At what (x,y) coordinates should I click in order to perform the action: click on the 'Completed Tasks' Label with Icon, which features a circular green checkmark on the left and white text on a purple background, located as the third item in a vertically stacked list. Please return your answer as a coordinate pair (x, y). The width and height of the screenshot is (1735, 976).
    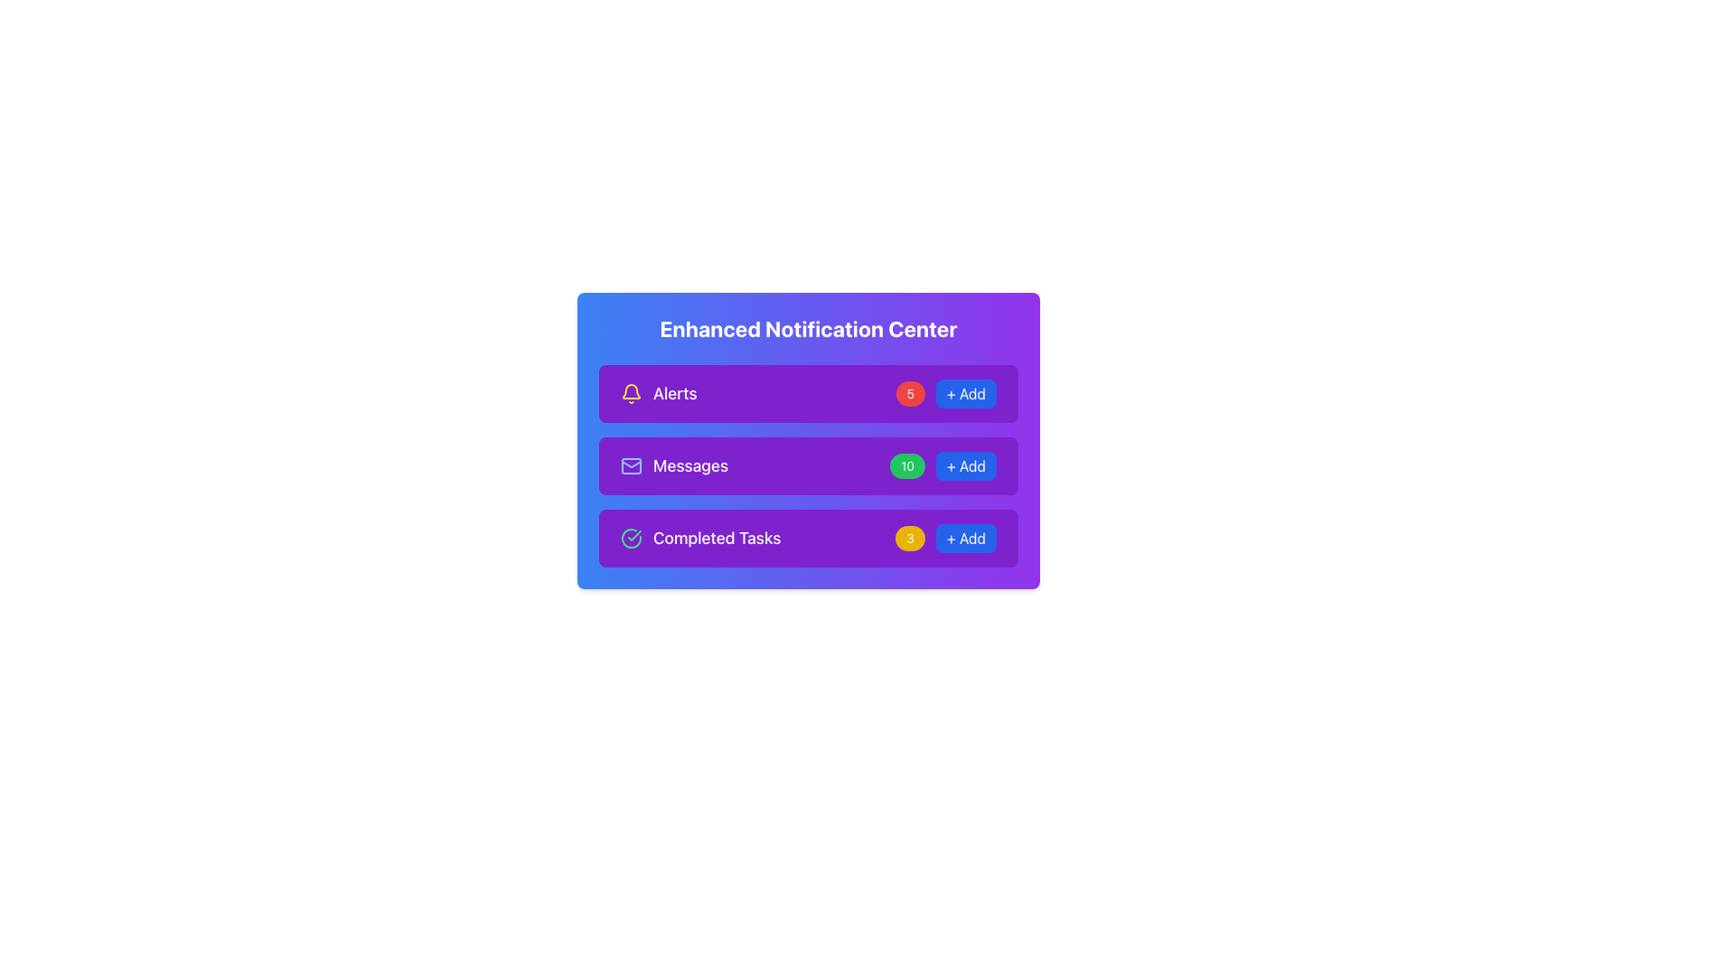
    Looking at the image, I should click on (699, 538).